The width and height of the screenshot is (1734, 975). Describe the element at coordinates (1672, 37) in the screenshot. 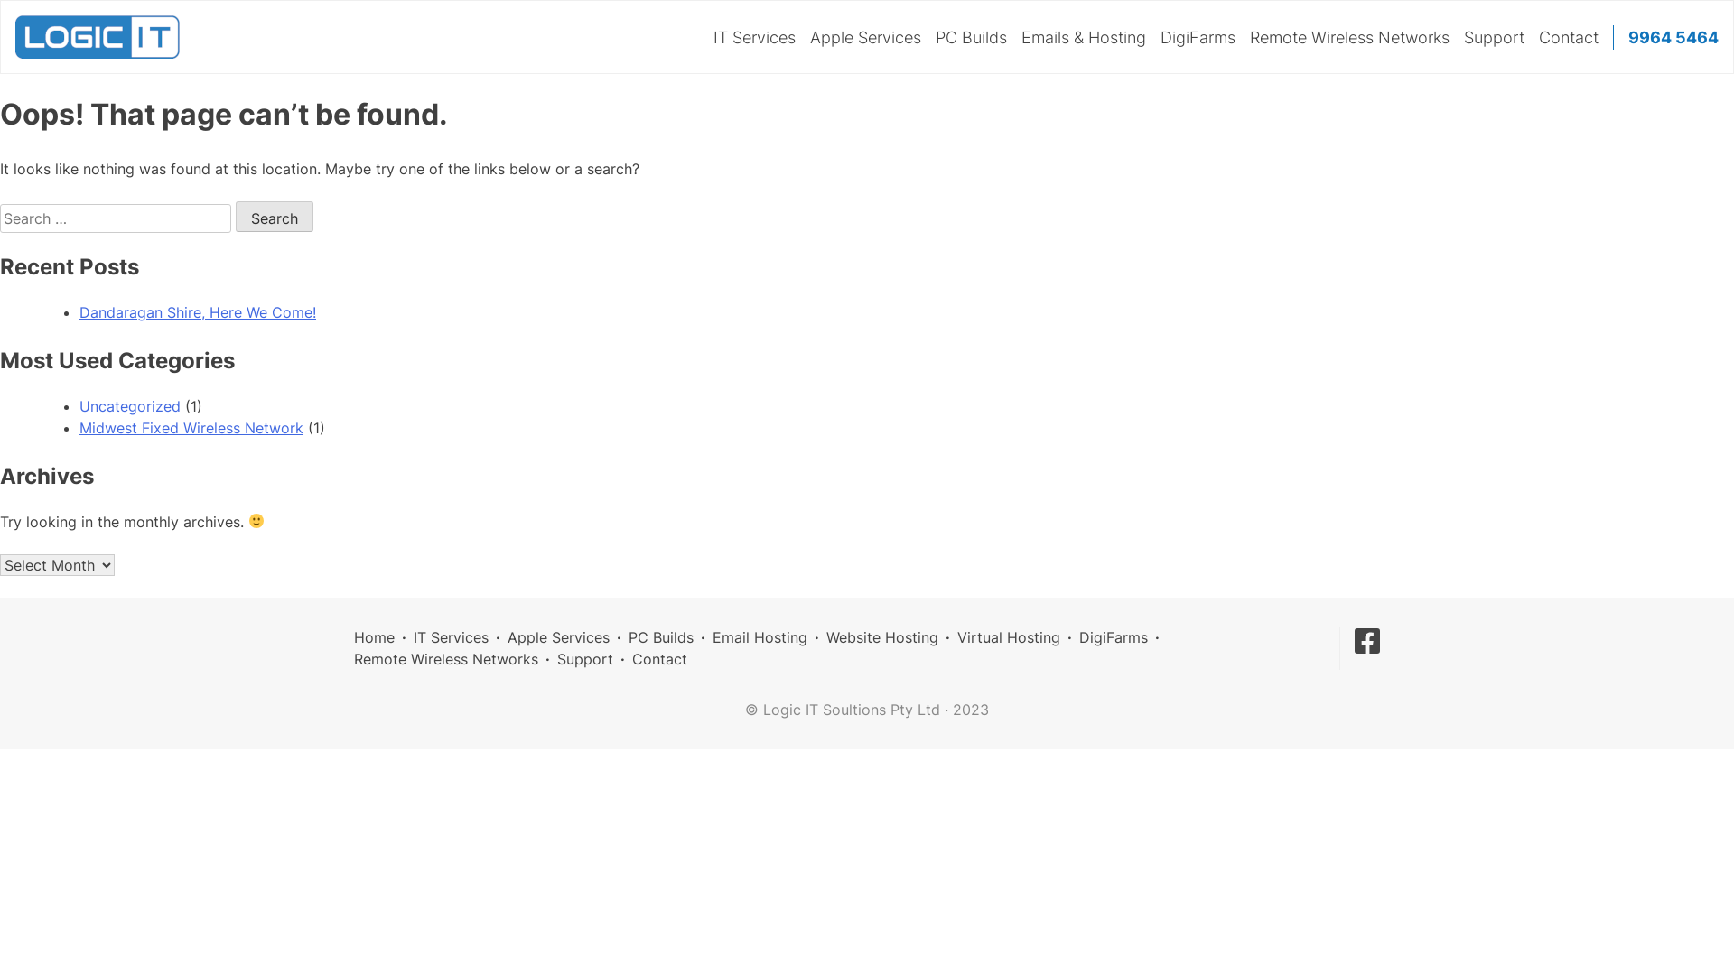

I see `'9964 5464'` at that location.